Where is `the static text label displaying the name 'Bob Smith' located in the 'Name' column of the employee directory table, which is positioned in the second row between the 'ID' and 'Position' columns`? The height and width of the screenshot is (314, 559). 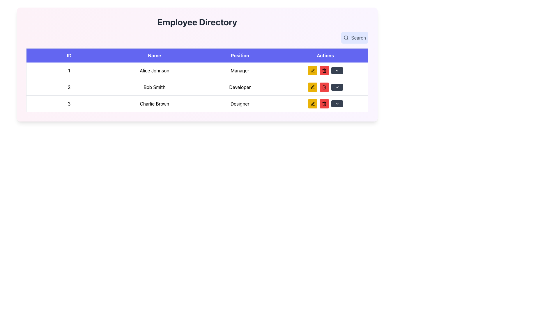 the static text label displaying the name 'Bob Smith' located in the 'Name' column of the employee directory table, which is positioned in the second row between the 'ID' and 'Position' columns is located at coordinates (154, 87).